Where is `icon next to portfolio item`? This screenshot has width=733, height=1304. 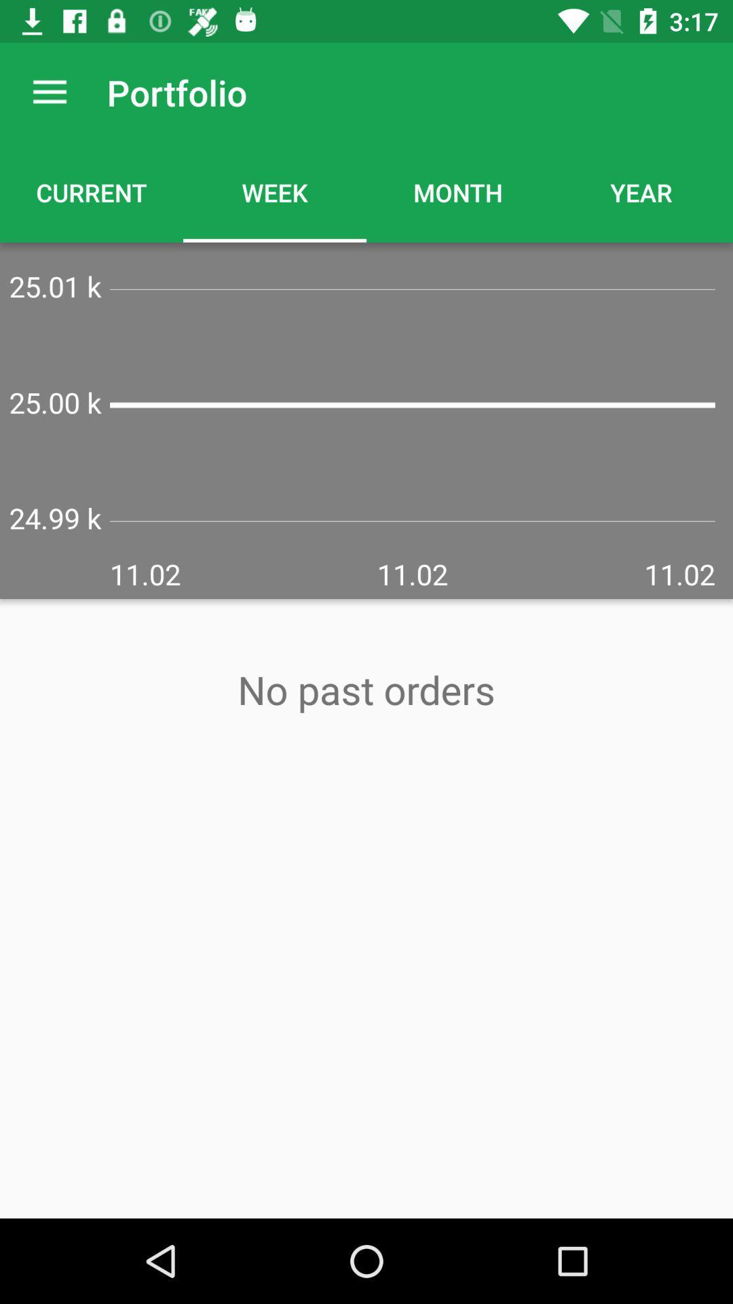
icon next to portfolio item is located at coordinates (49, 92).